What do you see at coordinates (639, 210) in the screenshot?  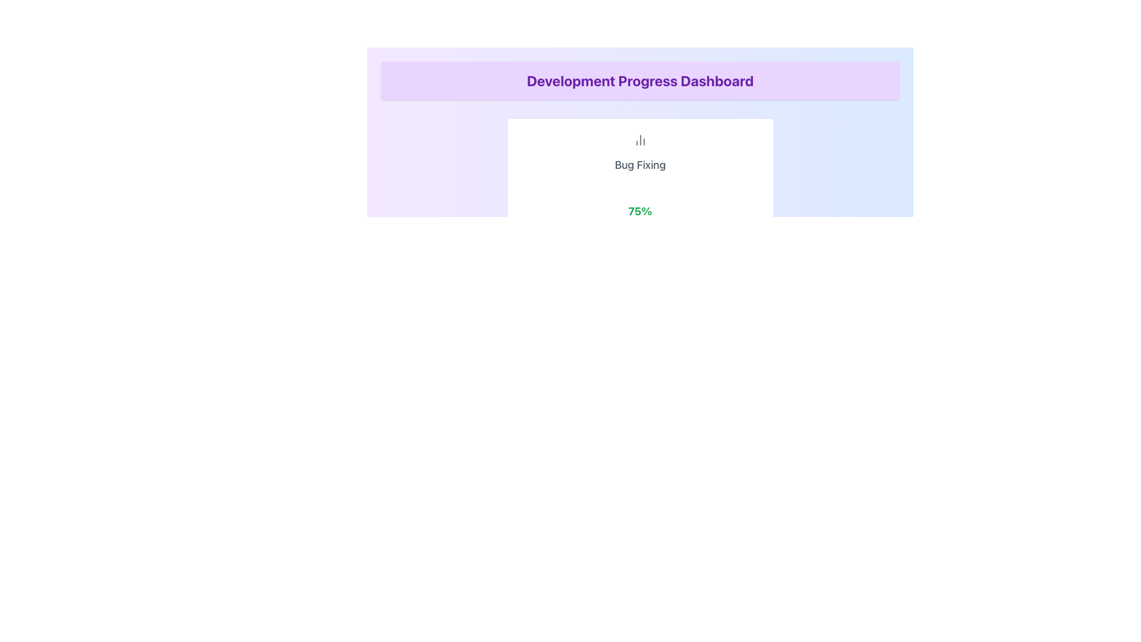 I see `displayed percentage from the Progress Indicator located beneath the 'Bug Fixing' text and above the 'Increase' and 'Decrease' buttons` at bounding box center [639, 210].